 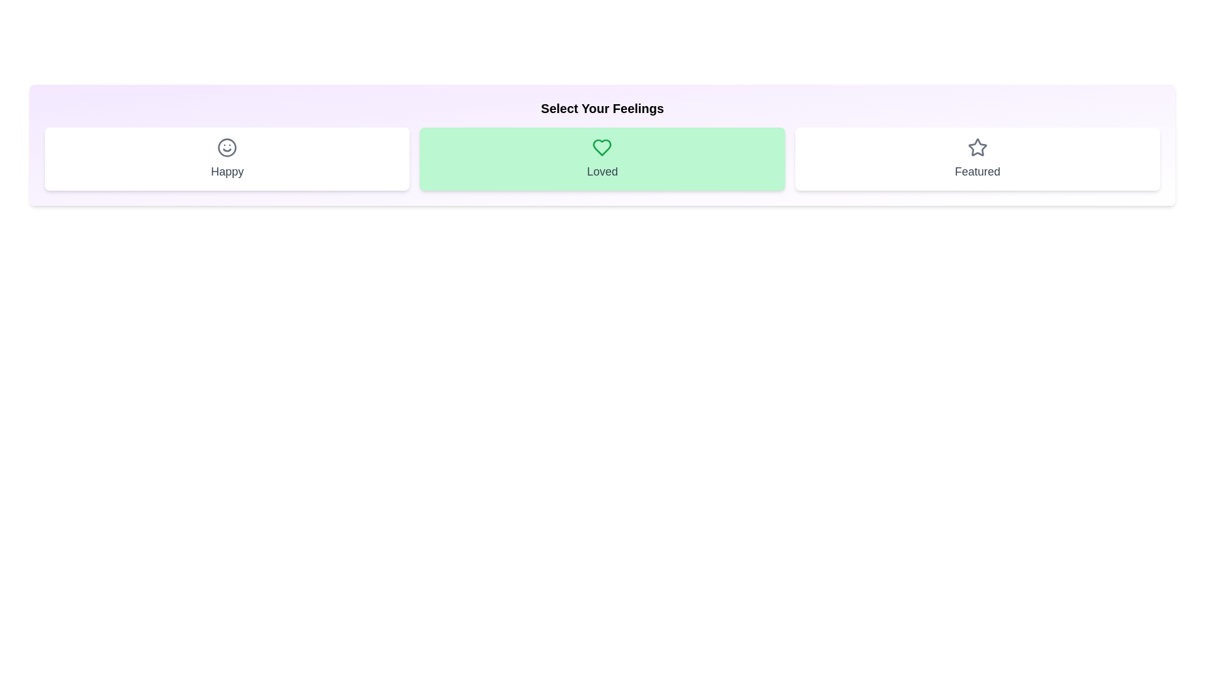 What do you see at coordinates (977, 158) in the screenshot?
I see `the chip labeled Featured` at bounding box center [977, 158].